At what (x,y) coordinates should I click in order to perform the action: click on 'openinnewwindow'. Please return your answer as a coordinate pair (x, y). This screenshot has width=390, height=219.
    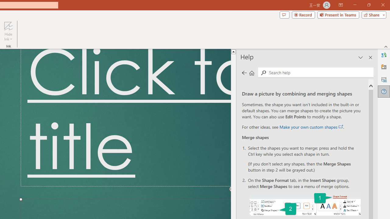
    Looking at the image, I should click on (340, 126).